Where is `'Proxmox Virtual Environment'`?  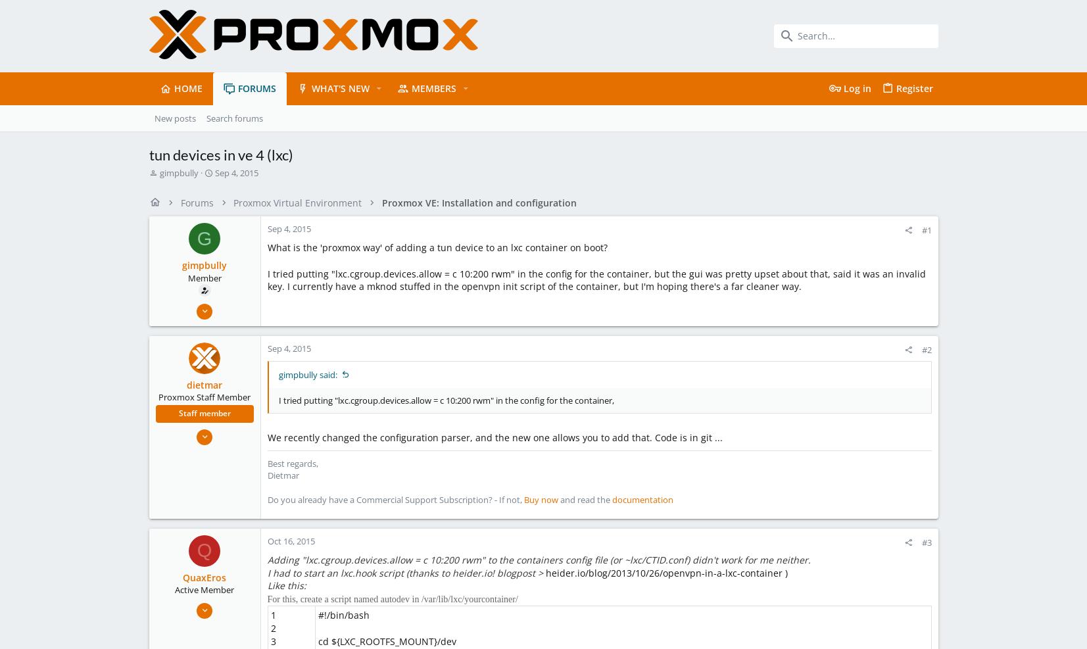
'Proxmox Virtual Environment' is located at coordinates (297, 201).